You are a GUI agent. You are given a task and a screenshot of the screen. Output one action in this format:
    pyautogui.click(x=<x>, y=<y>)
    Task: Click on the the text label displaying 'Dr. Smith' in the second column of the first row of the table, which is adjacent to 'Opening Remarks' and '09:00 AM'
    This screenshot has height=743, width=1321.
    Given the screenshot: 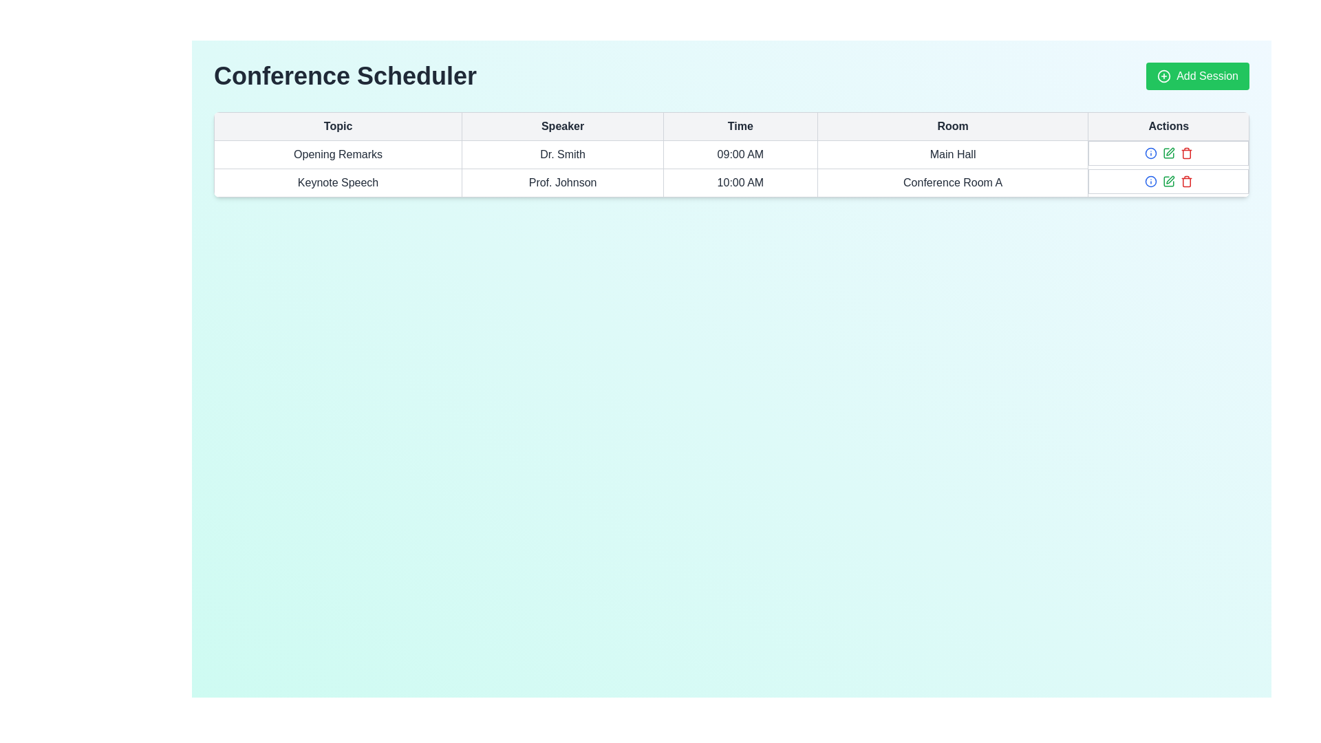 What is the action you would take?
    pyautogui.click(x=563, y=154)
    